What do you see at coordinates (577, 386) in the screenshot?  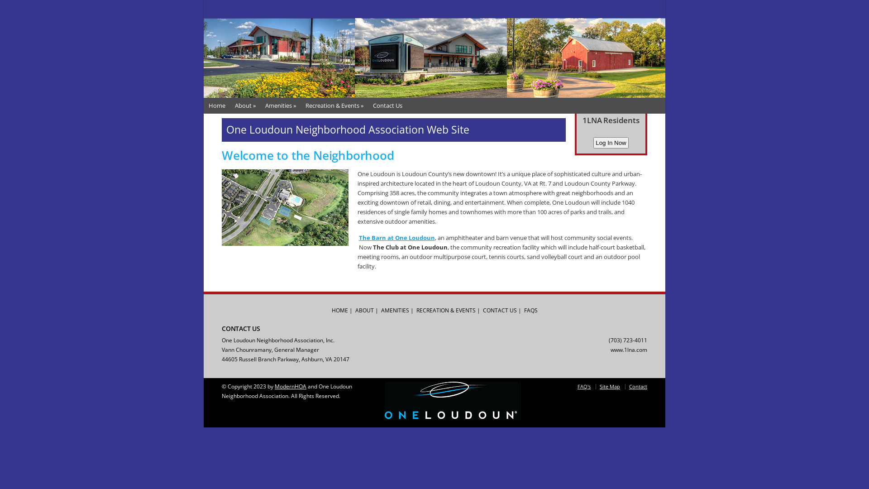 I see `'FAQ's'` at bounding box center [577, 386].